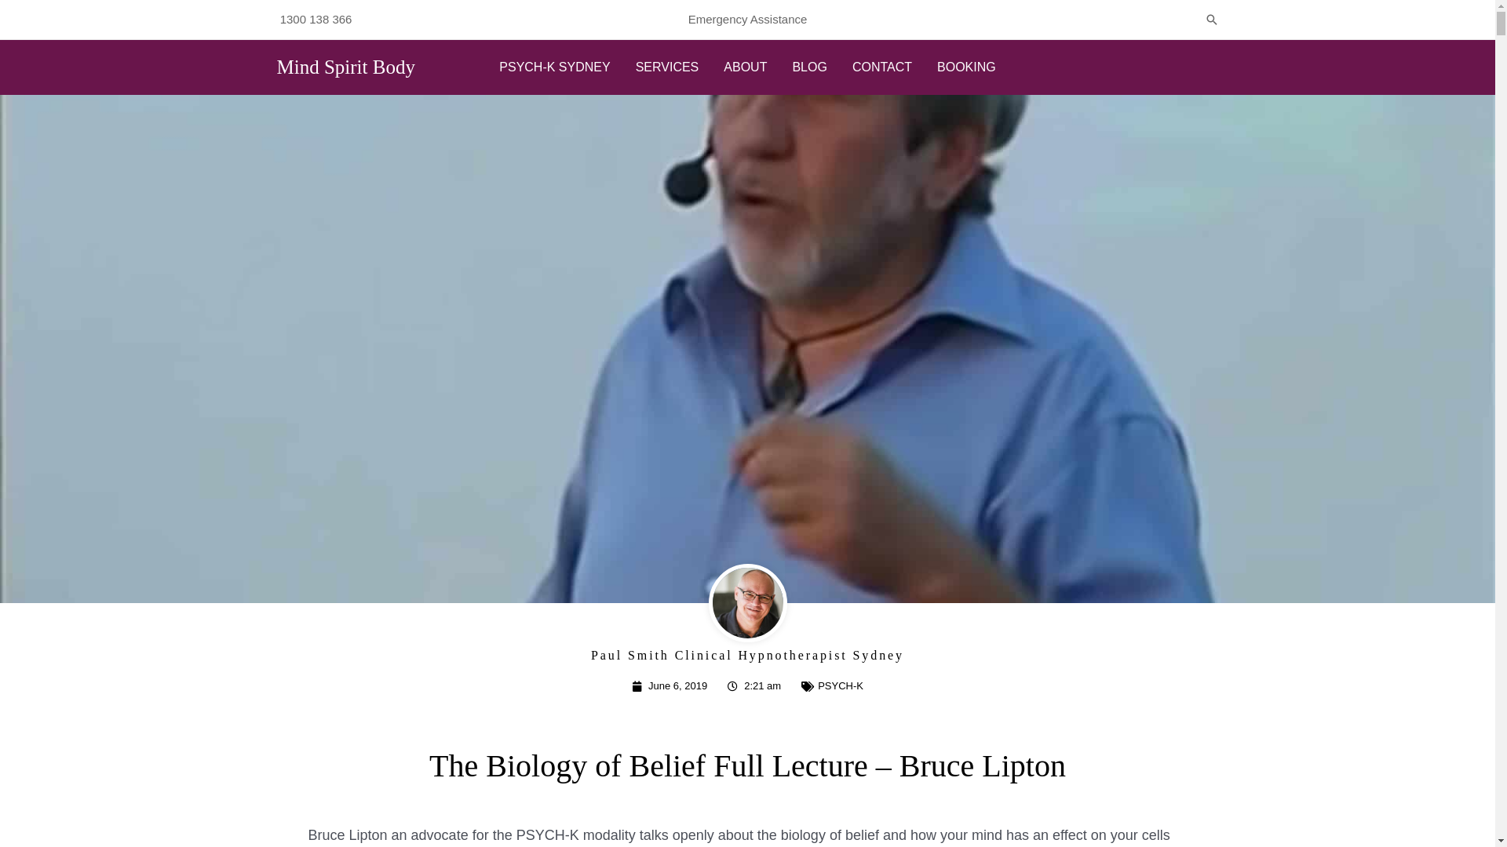 This screenshot has width=1507, height=847. What do you see at coordinates (554, 66) in the screenshot?
I see `'PSYCH-K SYDNEY'` at bounding box center [554, 66].